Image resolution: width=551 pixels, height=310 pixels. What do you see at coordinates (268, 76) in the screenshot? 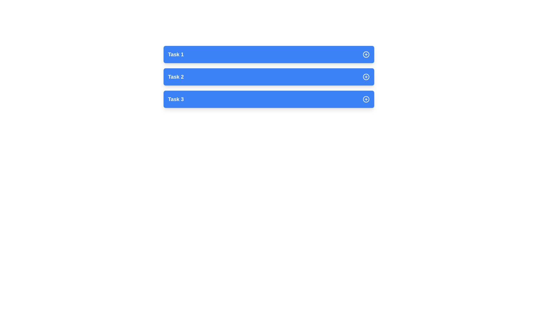
I see `the 'Task 2' item in the vertical task list` at bounding box center [268, 76].